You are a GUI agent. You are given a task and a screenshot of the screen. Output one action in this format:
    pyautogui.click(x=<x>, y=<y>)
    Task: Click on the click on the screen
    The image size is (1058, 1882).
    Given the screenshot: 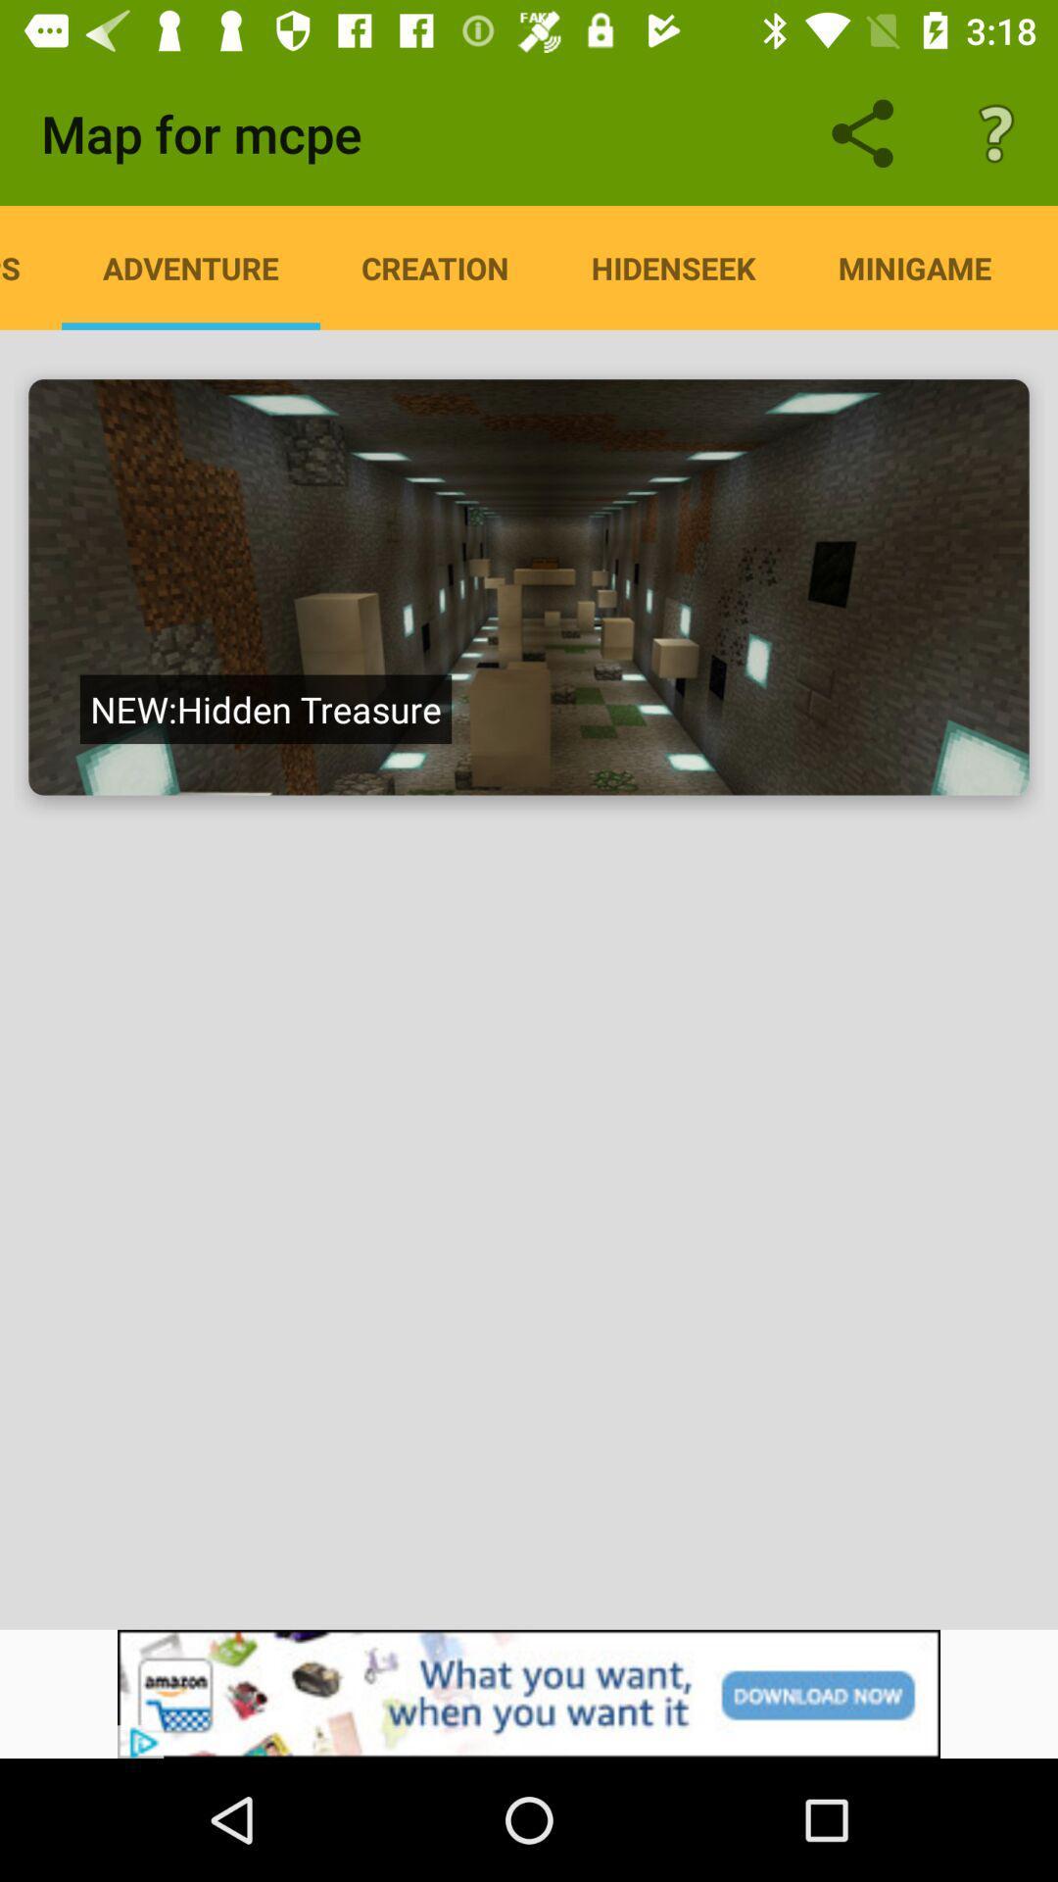 What is the action you would take?
    pyautogui.click(x=529, y=586)
    